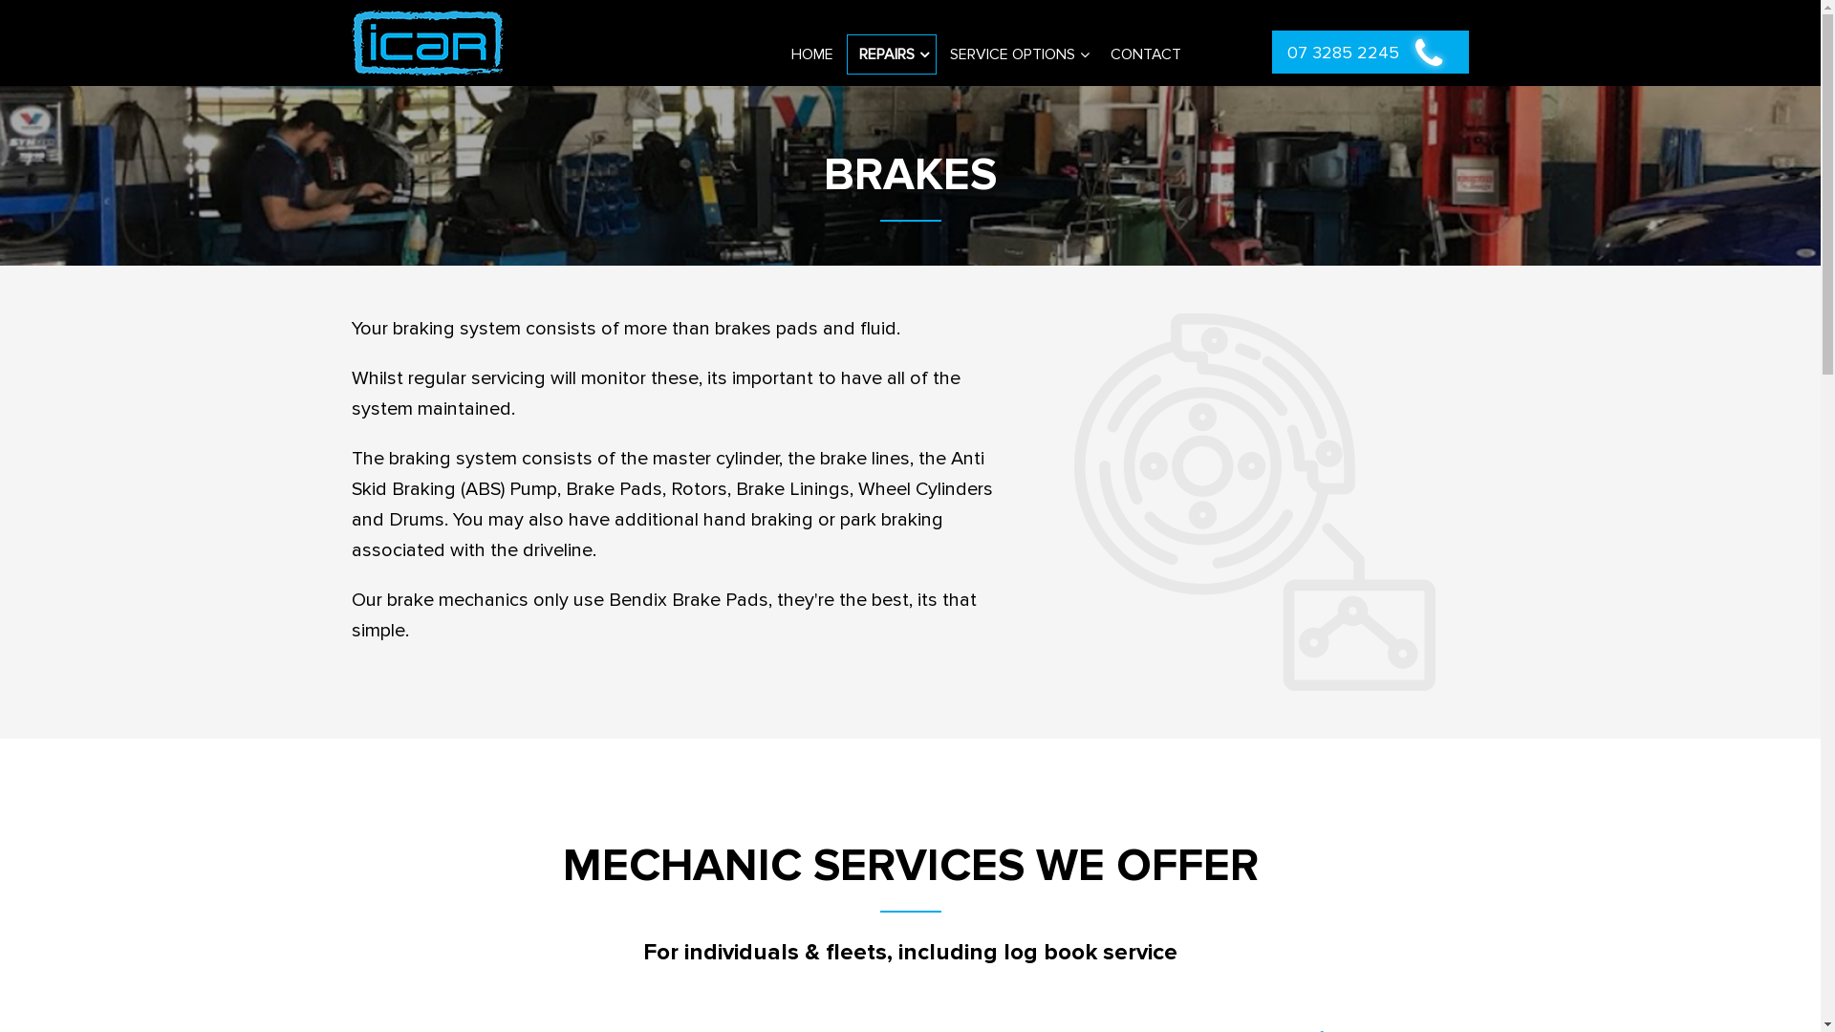  What do you see at coordinates (890, 54) in the screenshot?
I see `'REPAIRS'` at bounding box center [890, 54].